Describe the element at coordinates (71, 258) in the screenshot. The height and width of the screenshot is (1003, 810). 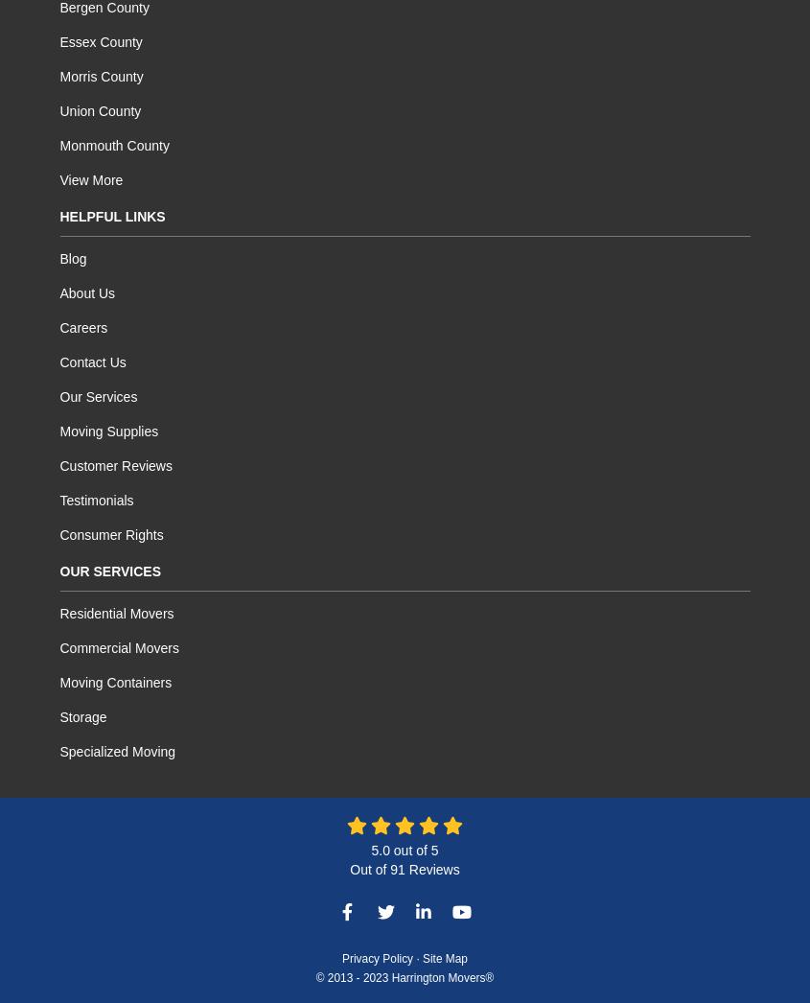
I see `'Blog'` at that location.